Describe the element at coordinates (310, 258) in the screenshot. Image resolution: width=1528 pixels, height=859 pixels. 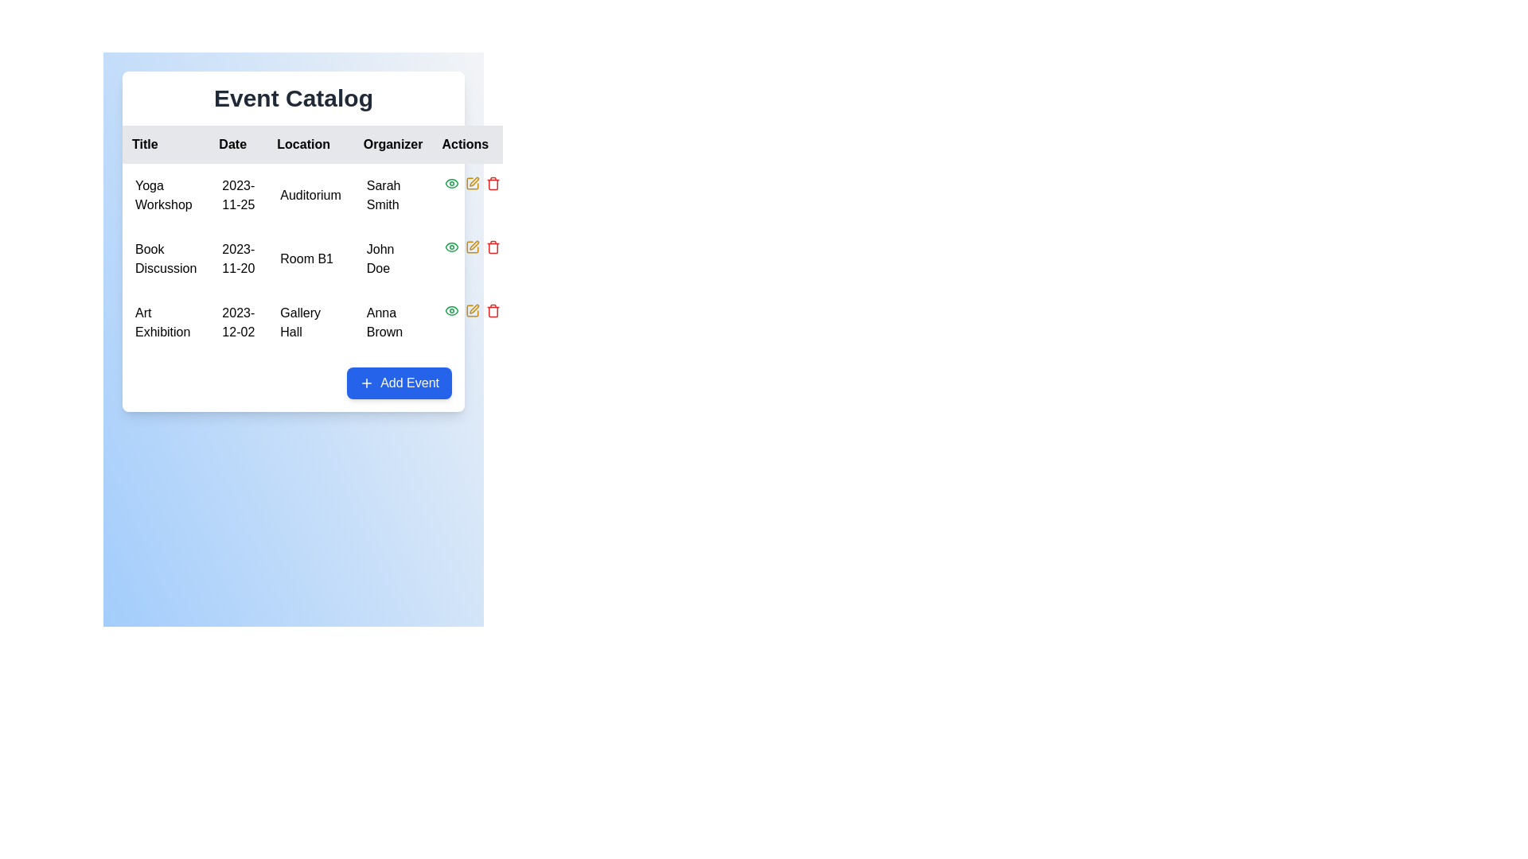
I see `the Text Label indicating the location of the 'Book Discussion' event, which is located under the 'Location' column in the second row of the table` at that location.